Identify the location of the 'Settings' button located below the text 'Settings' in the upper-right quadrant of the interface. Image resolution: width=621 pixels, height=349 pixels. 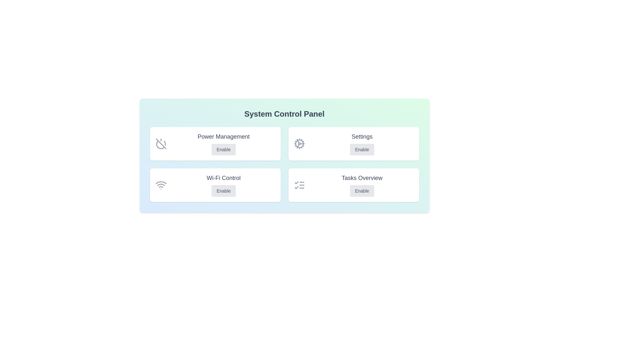
(362, 149).